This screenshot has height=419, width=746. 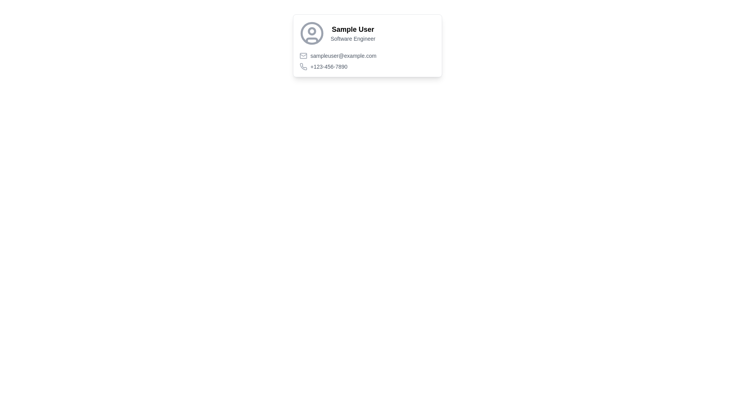 What do you see at coordinates (303, 55) in the screenshot?
I see `the visual representation of the email icon, which is an envelope symbol located to the left of the user's email address in the user card` at bounding box center [303, 55].